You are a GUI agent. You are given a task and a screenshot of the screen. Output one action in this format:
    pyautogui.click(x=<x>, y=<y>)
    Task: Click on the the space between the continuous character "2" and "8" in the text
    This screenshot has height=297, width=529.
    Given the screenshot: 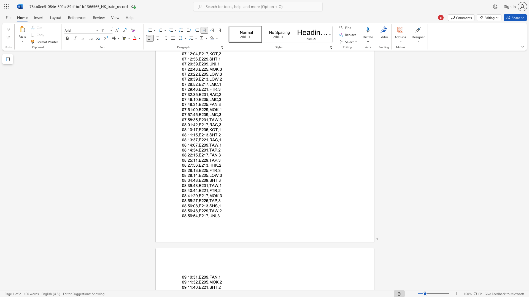 What is the action you would take?
    pyautogui.click(x=190, y=170)
    